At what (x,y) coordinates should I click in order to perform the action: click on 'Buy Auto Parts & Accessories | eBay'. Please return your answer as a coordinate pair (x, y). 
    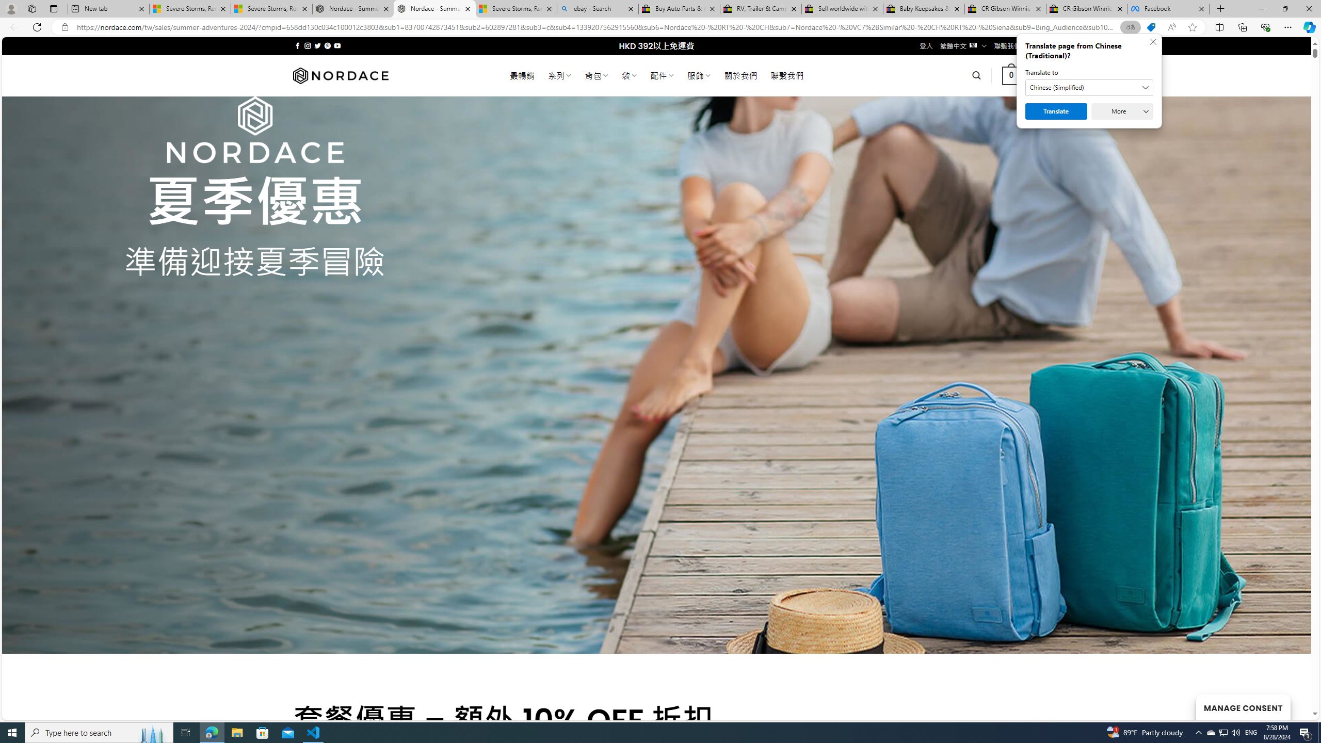
    Looking at the image, I should click on (678, 8).